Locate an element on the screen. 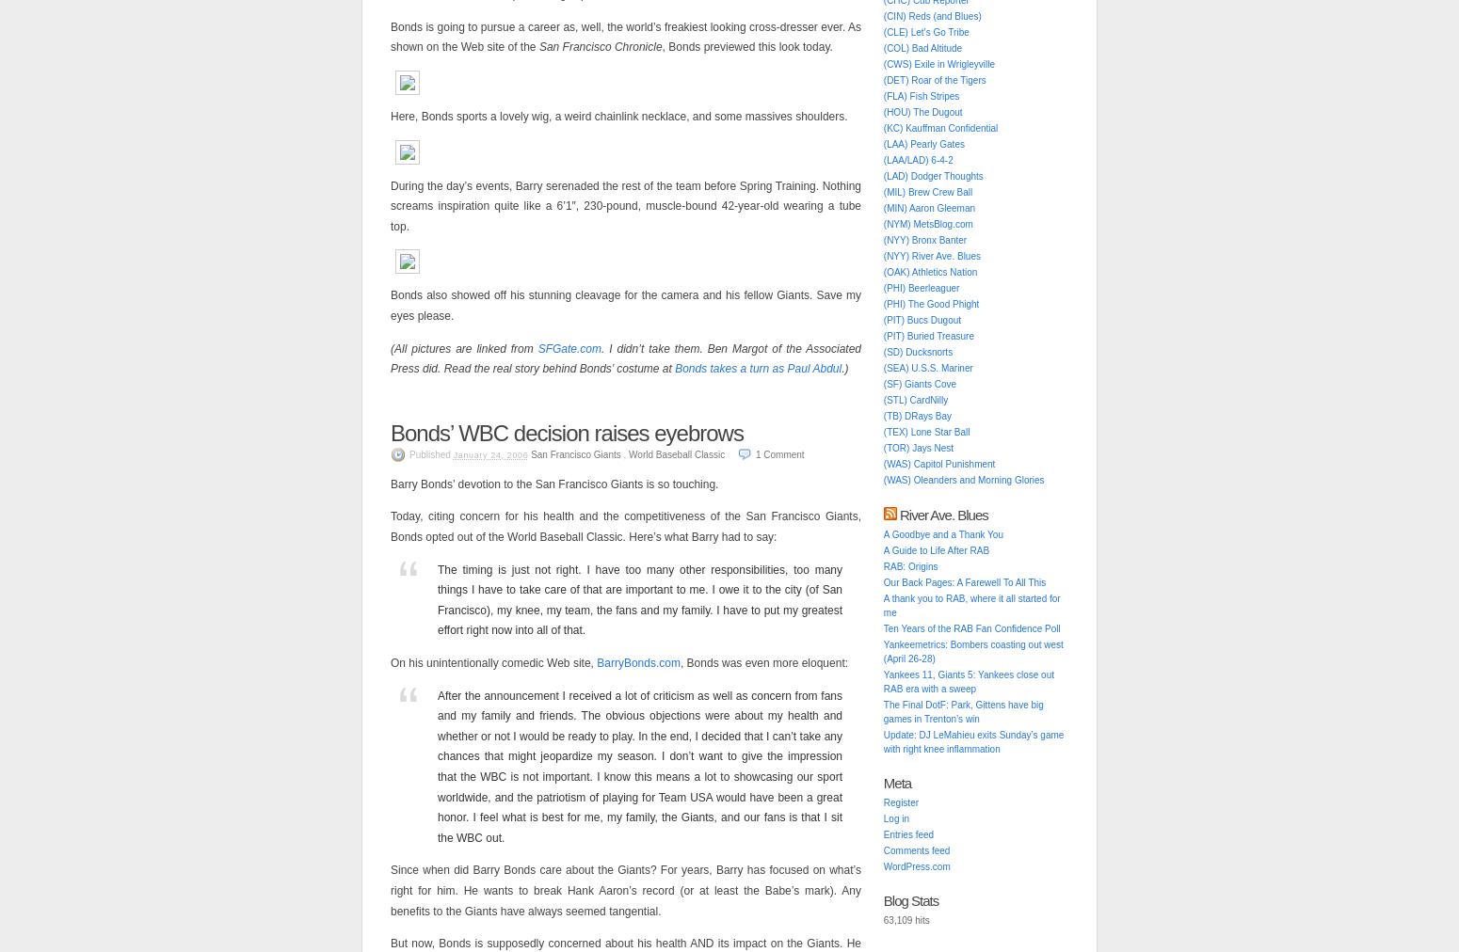 The height and width of the screenshot is (952, 1459). '(KC) Kauffman Confidential' is located at coordinates (938, 128).